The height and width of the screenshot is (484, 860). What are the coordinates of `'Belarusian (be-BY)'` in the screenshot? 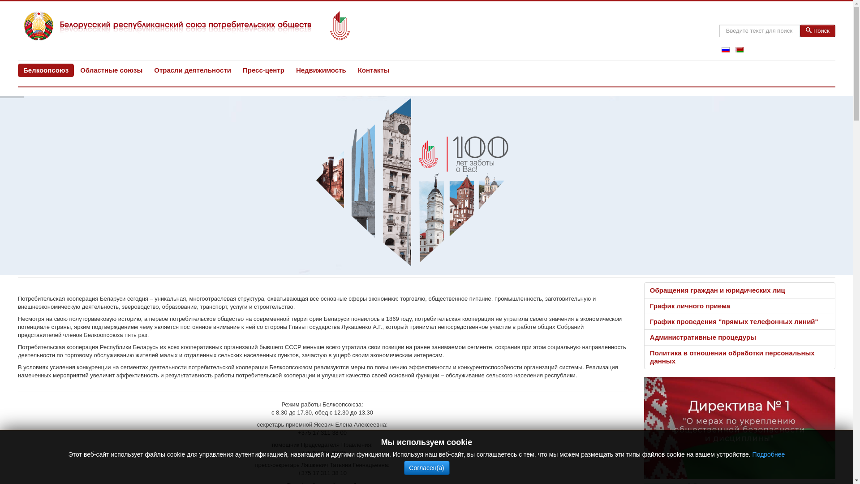 It's located at (740, 50).